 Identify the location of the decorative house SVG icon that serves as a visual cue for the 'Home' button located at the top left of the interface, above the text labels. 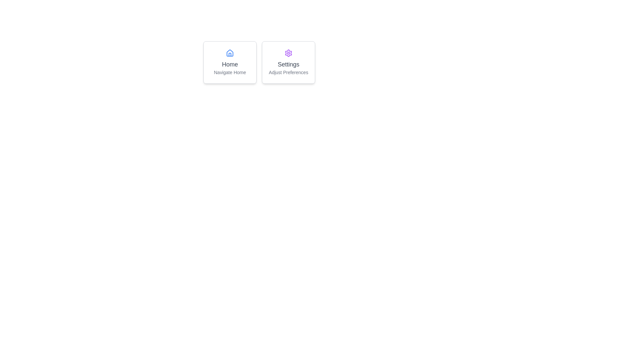
(230, 52).